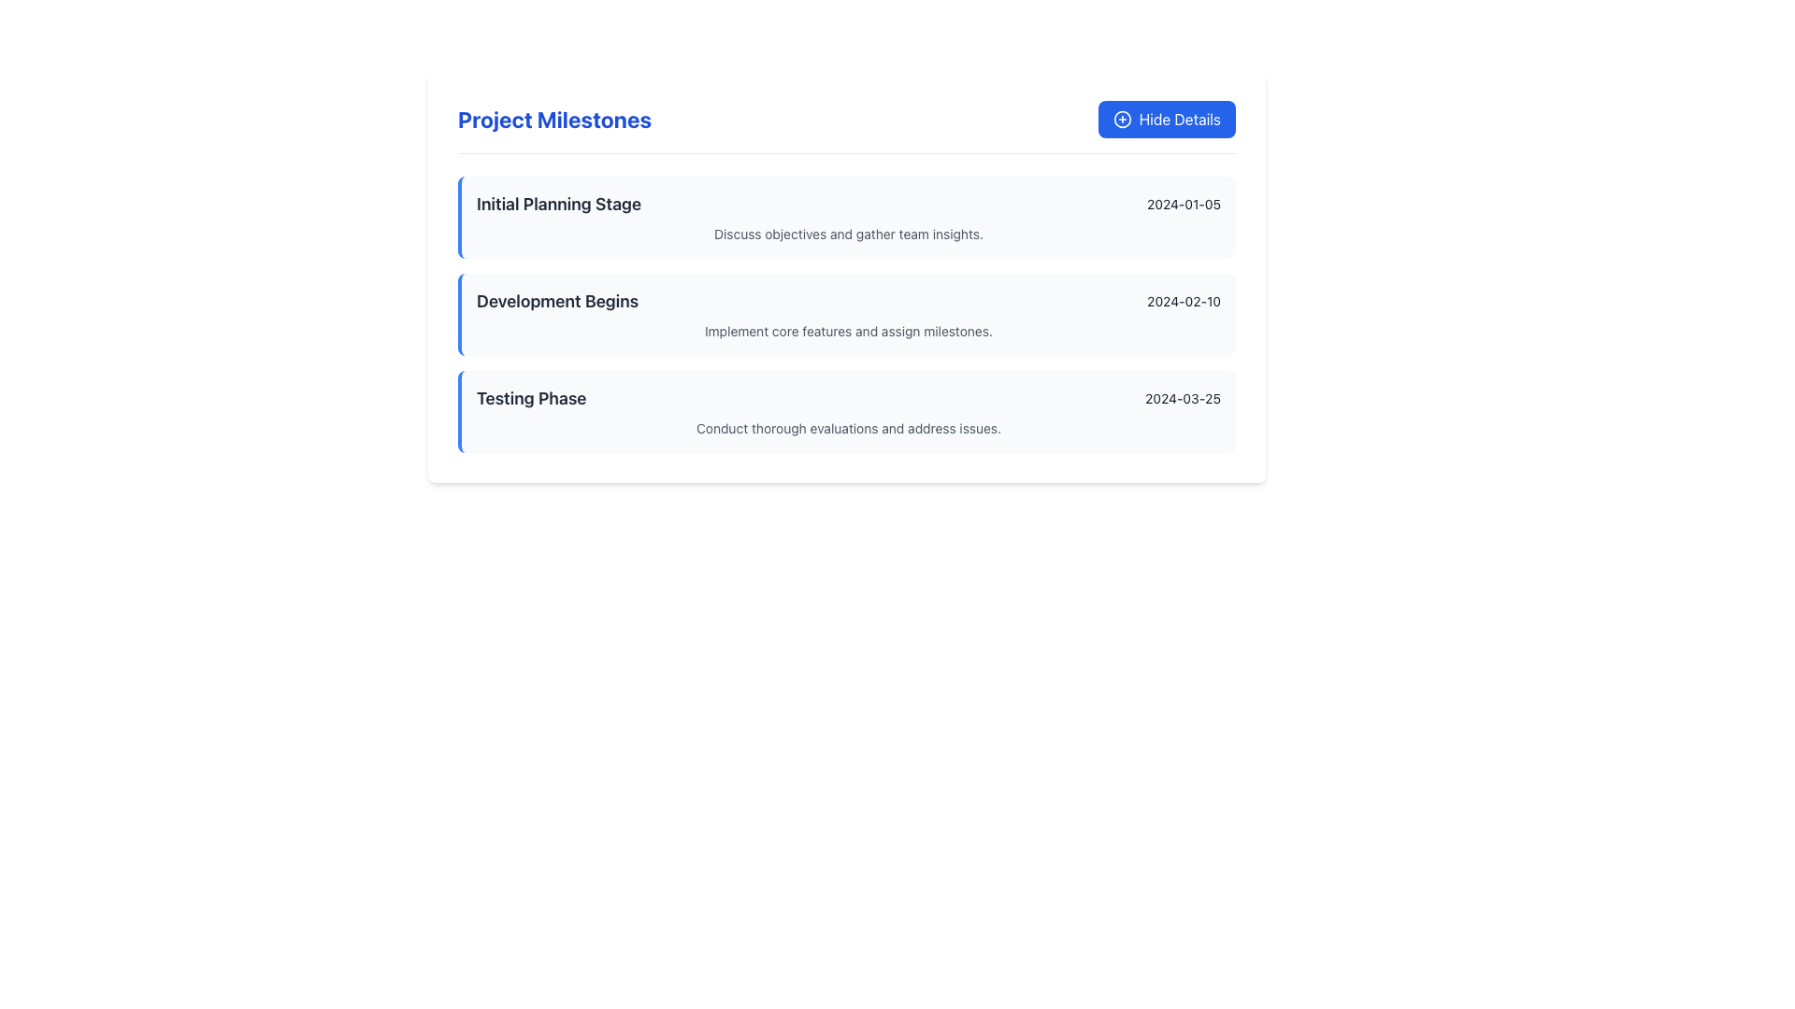 Image resolution: width=1795 pixels, height=1009 pixels. Describe the element at coordinates (556, 301) in the screenshot. I see `text label displaying 'Development Begins' which is located in the second item of the vertically stacked list under the 'Project Milestones' section` at that location.